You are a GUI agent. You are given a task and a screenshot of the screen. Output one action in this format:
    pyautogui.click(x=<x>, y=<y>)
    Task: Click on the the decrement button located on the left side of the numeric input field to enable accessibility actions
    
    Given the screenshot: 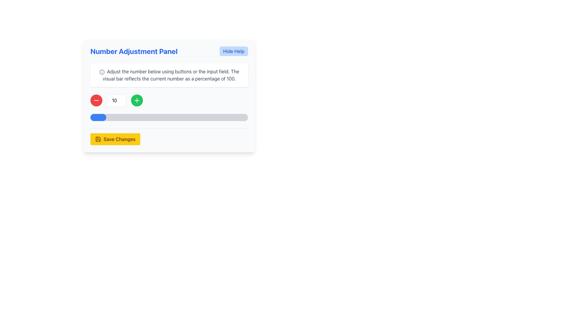 What is the action you would take?
    pyautogui.click(x=96, y=100)
    